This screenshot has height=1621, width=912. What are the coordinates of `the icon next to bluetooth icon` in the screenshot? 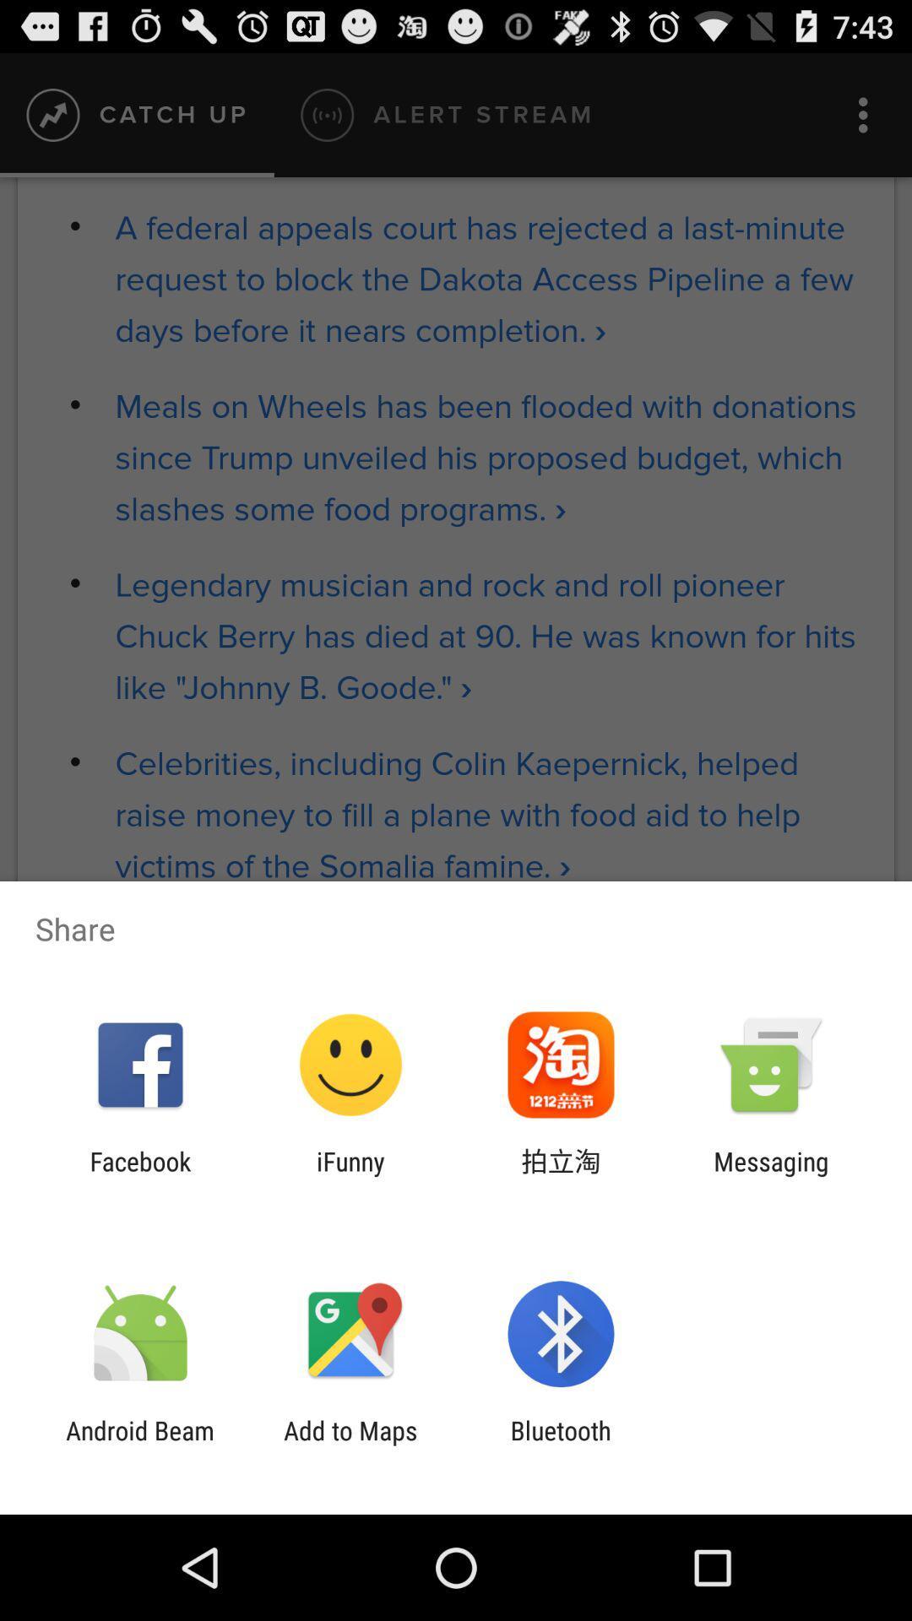 It's located at (350, 1445).